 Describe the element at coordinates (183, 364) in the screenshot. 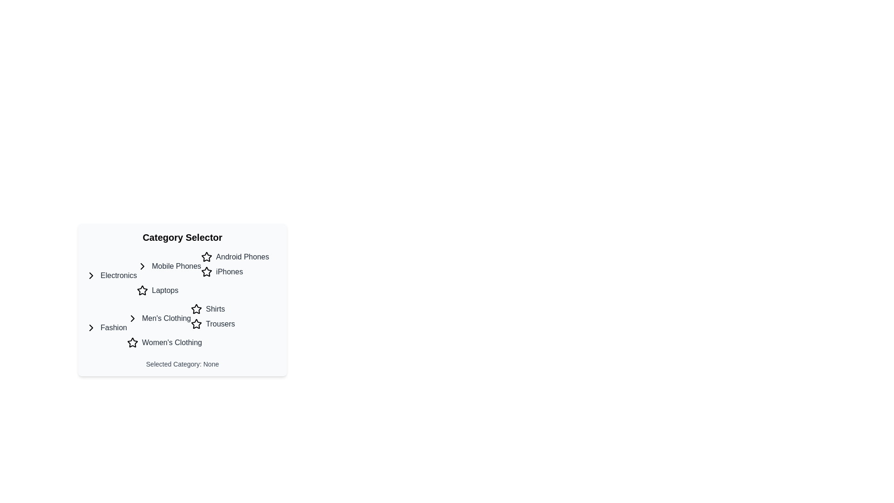

I see `the static text displaying 'Selected Category: None', which is located in the lower segment of the category selection panel` at that location.